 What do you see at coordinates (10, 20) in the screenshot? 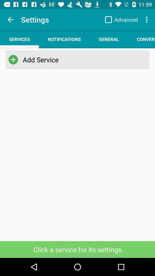
I see `the app above the services icon` at bounding box center [10, 20].